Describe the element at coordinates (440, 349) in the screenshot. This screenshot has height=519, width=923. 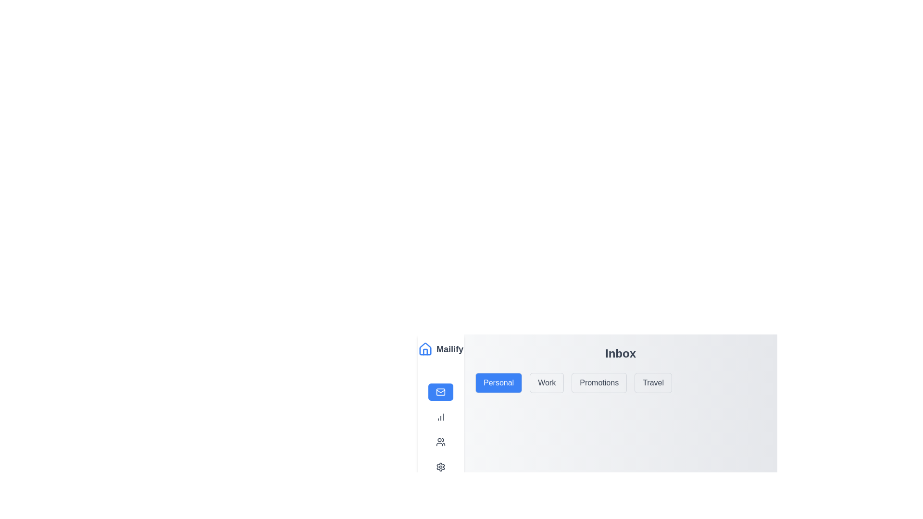
I see `the Branding section at the top of the vertical navigation panel, which contains a blue house icon and the text 'Mailify' in bold` at that location.